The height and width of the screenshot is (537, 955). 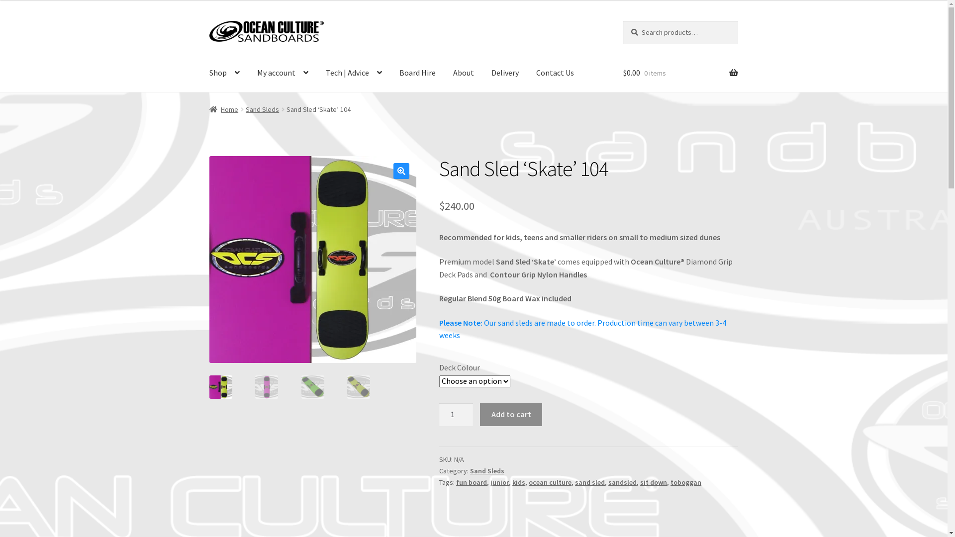 I want to click on 'Contact Us', so click(x=527, y=72).